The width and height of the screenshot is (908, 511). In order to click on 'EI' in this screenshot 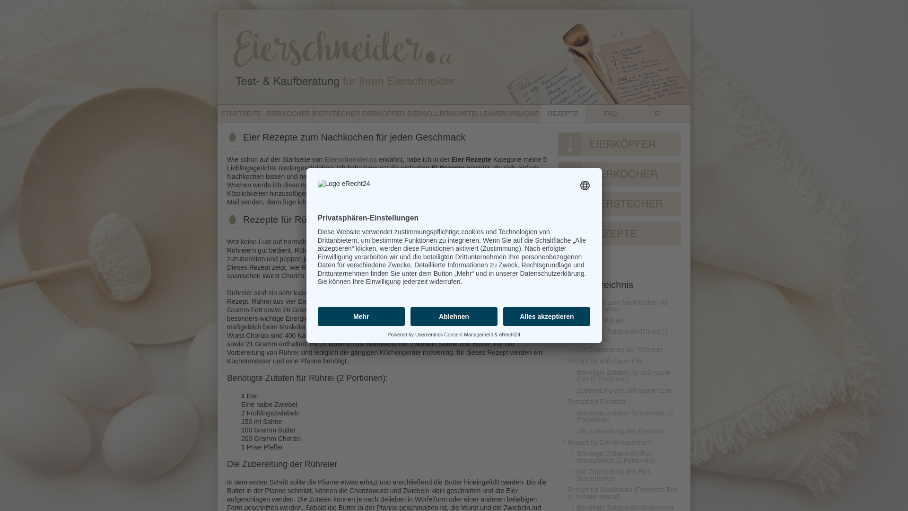, I will do `click(657, 113)`.